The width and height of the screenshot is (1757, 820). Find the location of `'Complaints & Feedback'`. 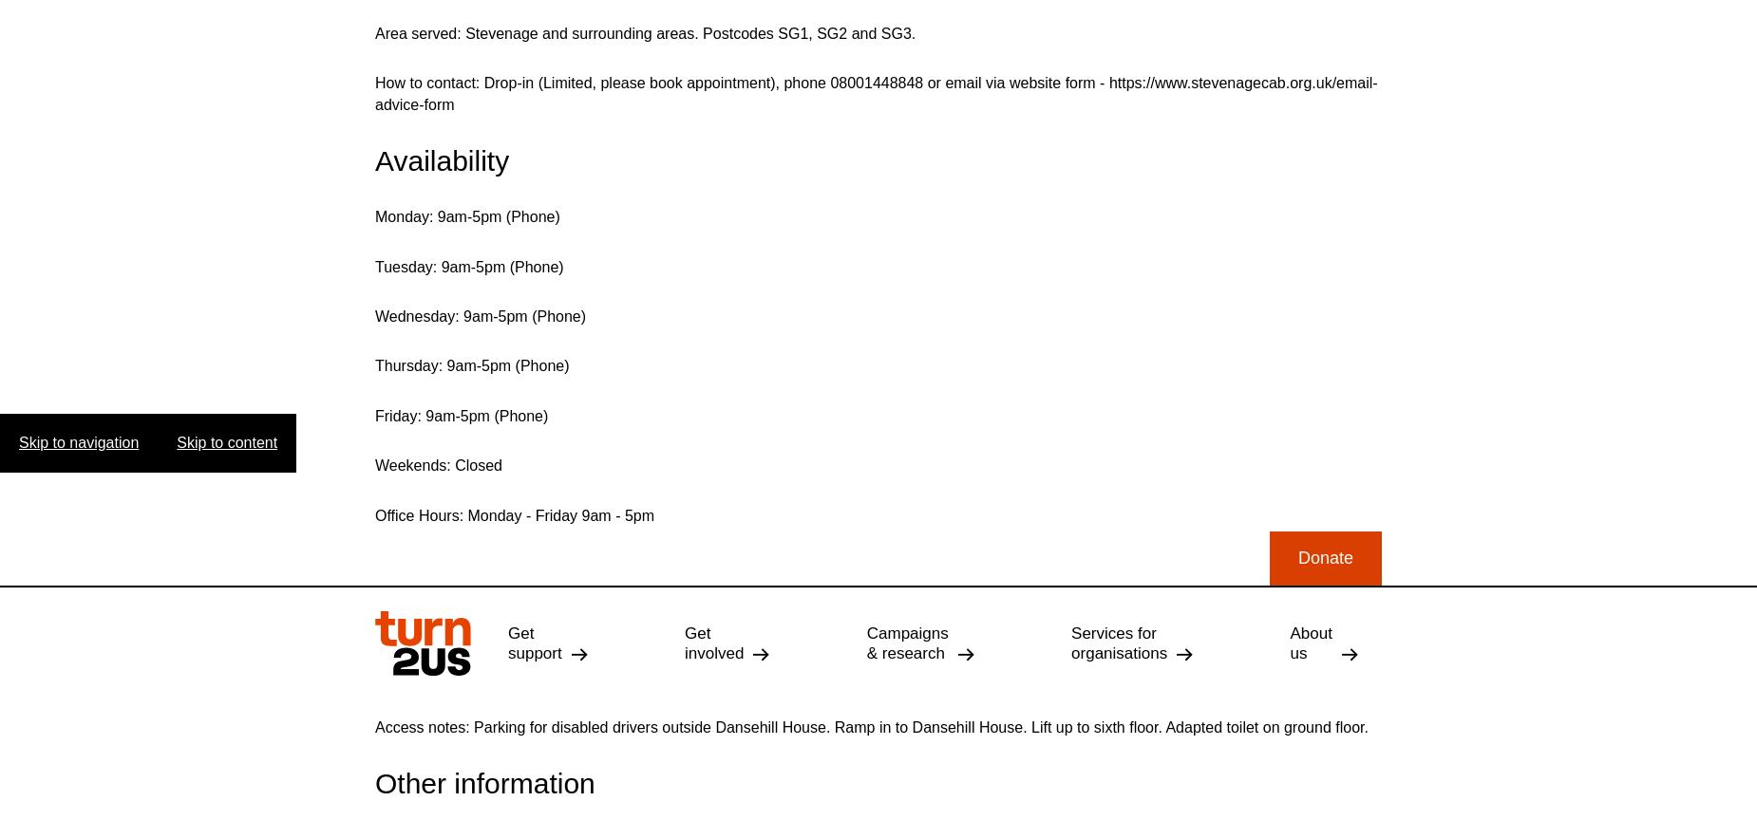

'Complaints & Feedback' is located at coordinates (896, 581).